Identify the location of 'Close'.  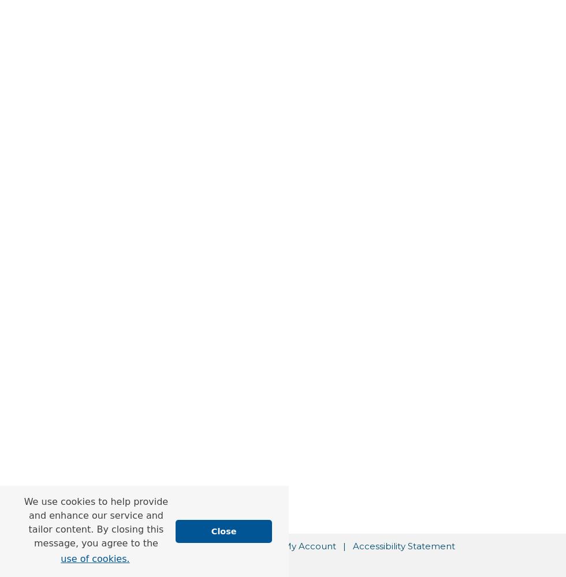
(210, 531).